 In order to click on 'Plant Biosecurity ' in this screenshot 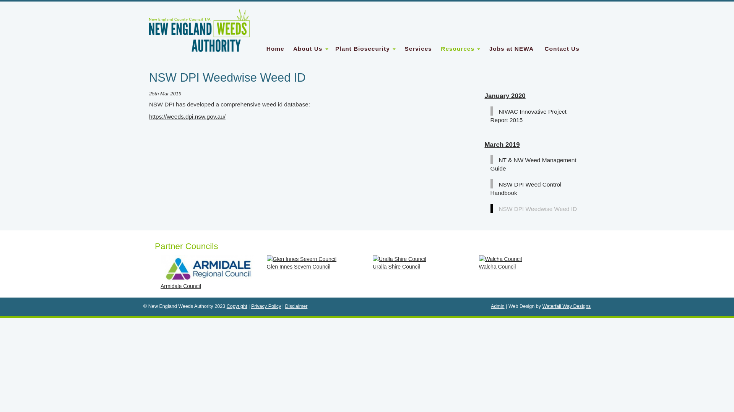, I will do `click(365, 48)`.